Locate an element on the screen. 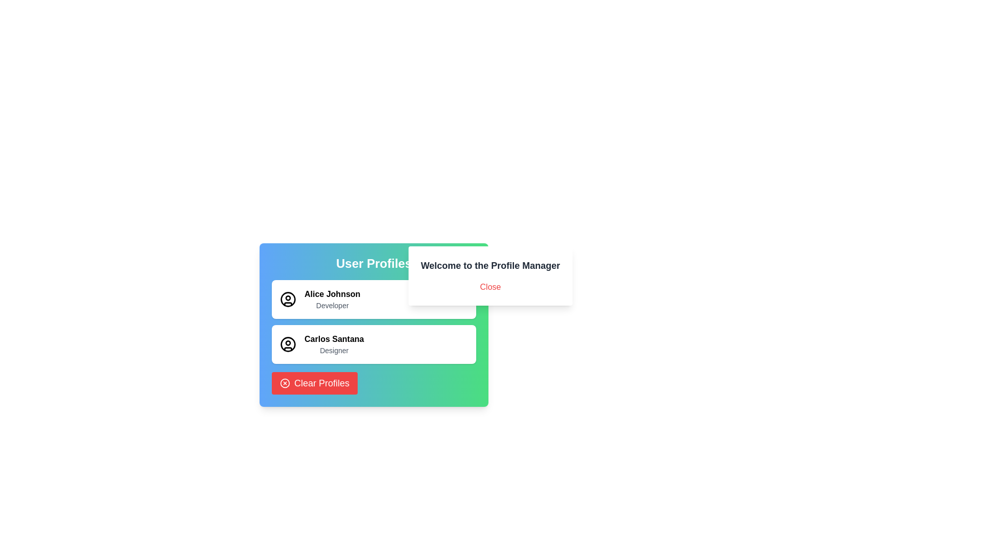 The width and height of the screenshot is (981, 552). name 'Carlos Santana' and the title 'Designer' displayed in the text block element, which is the second item in a vertical list of user profiles is located at coordinates (334, 344).